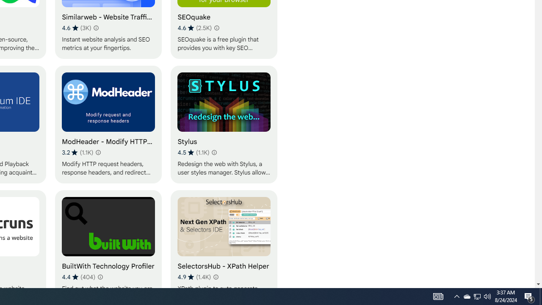 The height and width of the screenshot is (305, 542). What do you see at coordinates (224, 124) in the screenshot?
I see `'Stylus'` at bounding box center [224, 124].